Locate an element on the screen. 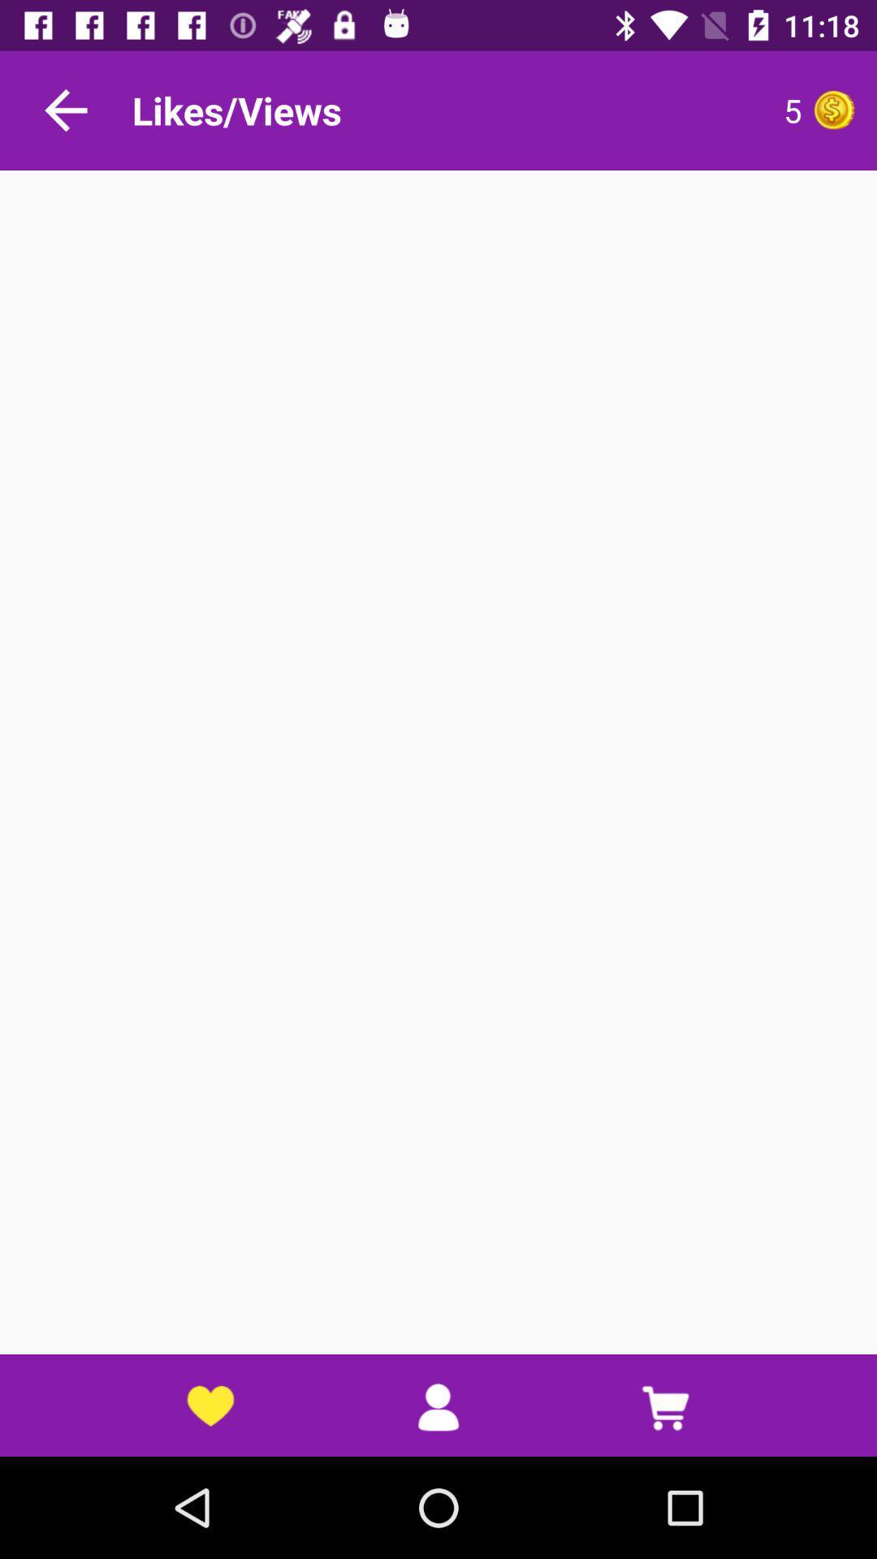  earn points is located at coordinates (834, 109).